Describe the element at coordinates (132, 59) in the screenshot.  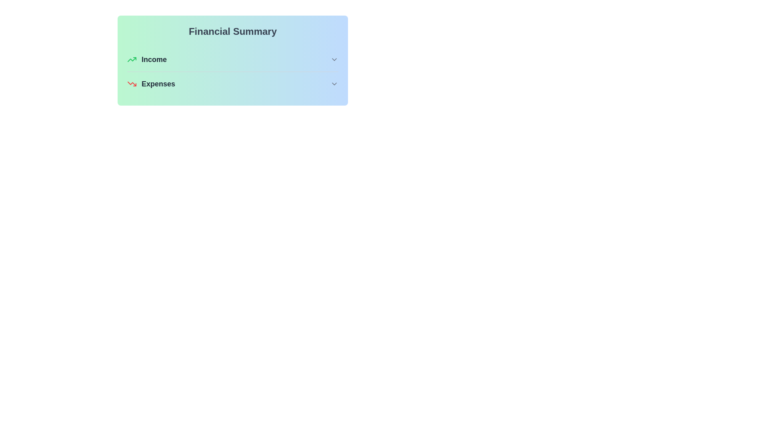
I see `the green upward trending arrow icon located to the left of the 'Income' label in the 'Financial Summary' panel` at that location.